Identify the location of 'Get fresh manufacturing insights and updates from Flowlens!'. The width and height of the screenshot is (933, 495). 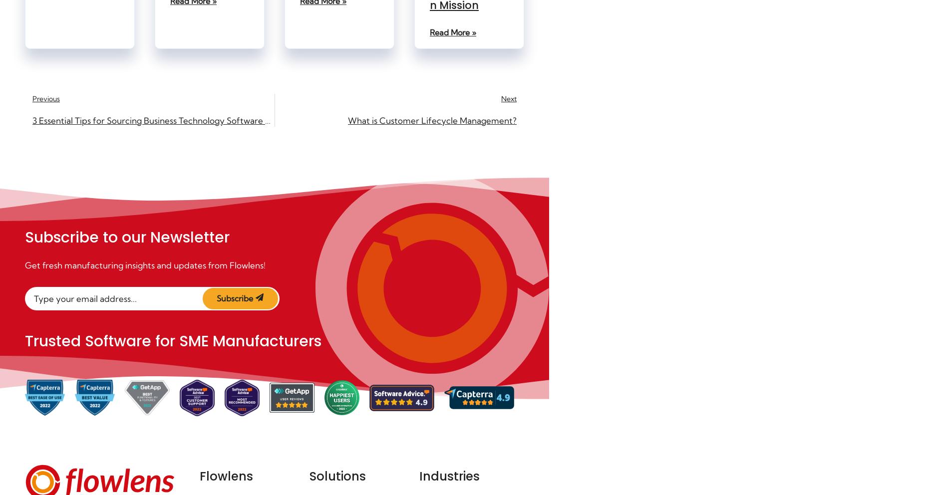
(145, 264).